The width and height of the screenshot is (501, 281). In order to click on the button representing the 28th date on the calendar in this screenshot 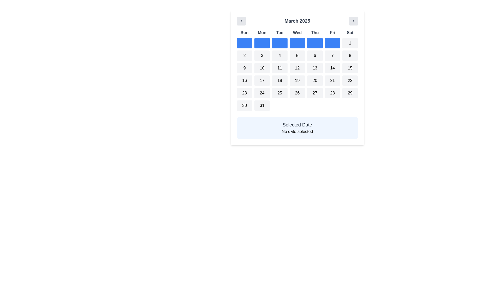, I will do `click(332, 93)`.